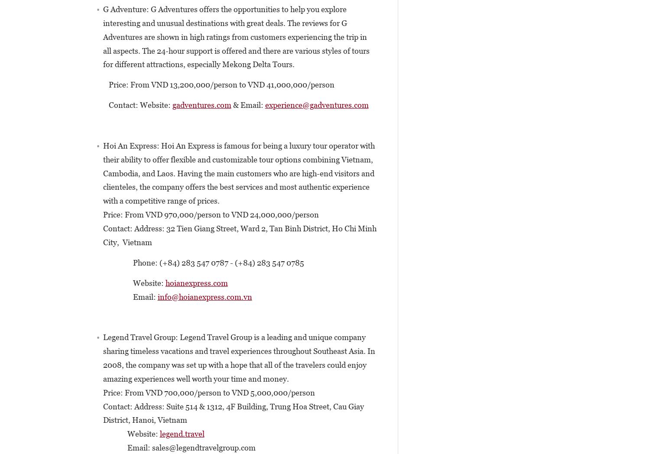 This screenshot has width=650, height=454. I want to click on 'info@hoianexpress.com.vn', so click(204, 296).